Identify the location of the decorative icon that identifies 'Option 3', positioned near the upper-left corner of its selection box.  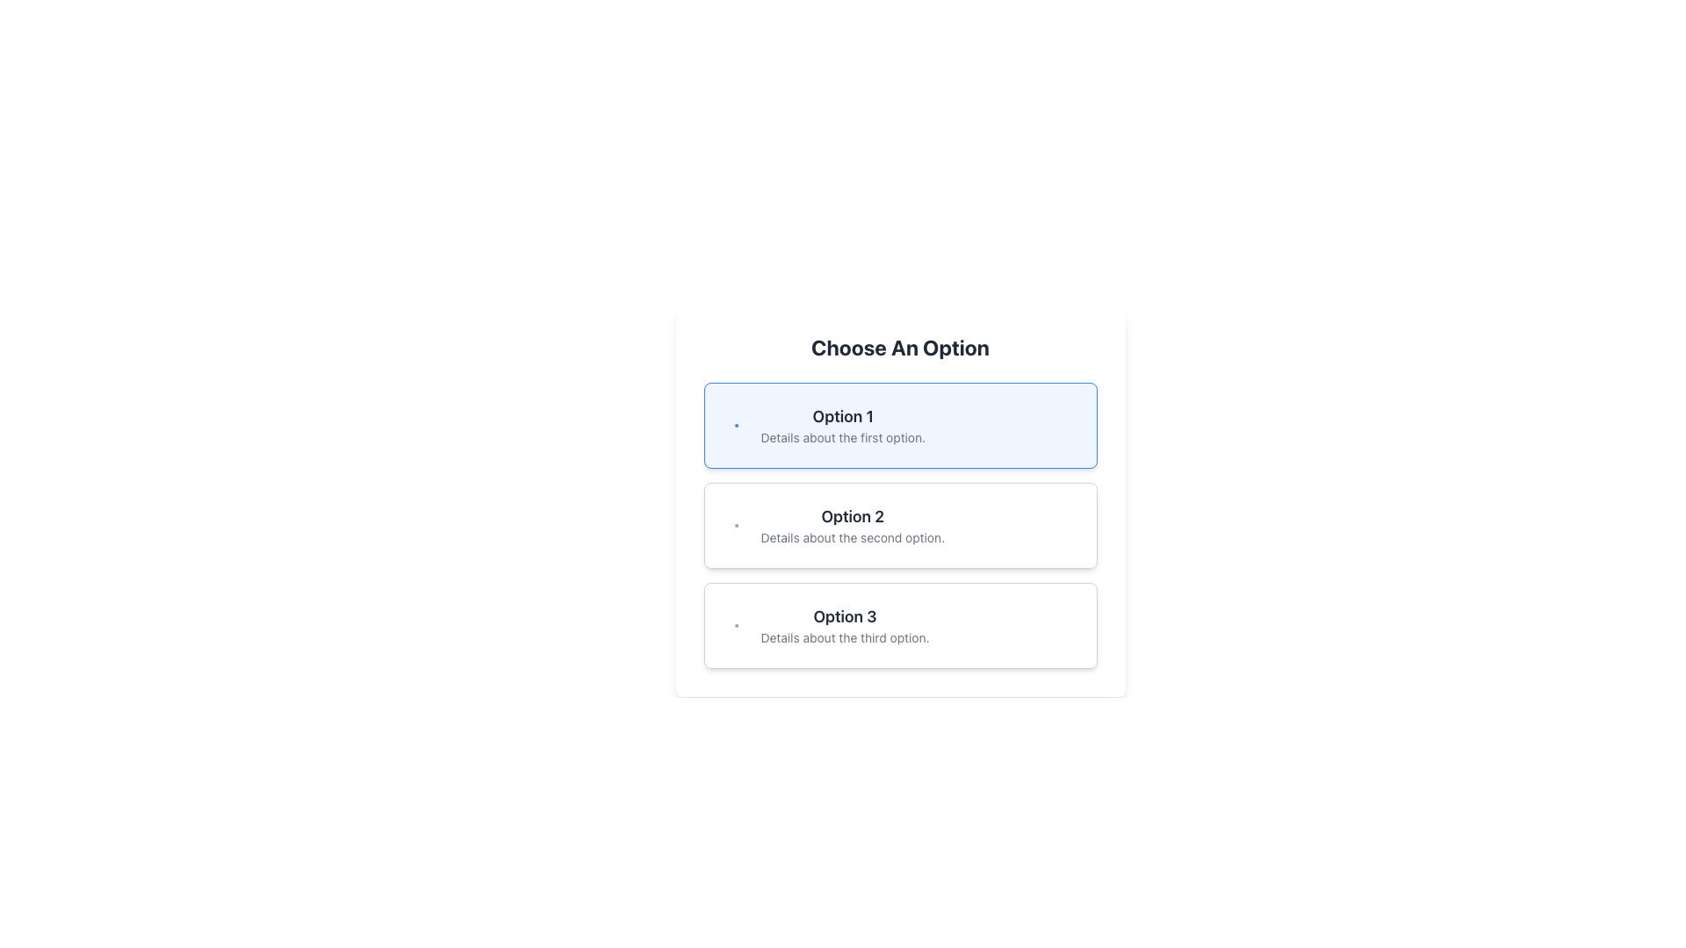
(736, 625).